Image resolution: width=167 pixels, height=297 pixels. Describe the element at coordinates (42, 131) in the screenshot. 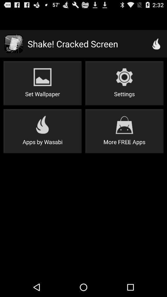

I see `the icon next to the more free apps button` at that location.